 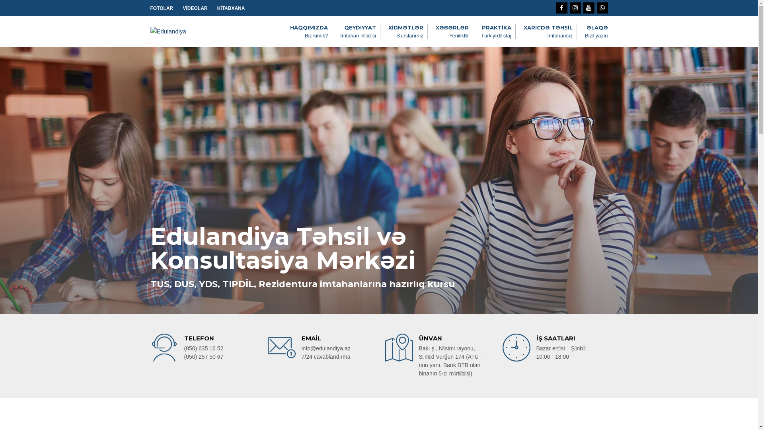 I want to click on 'KITABXANA', so click(x=230, y=8).